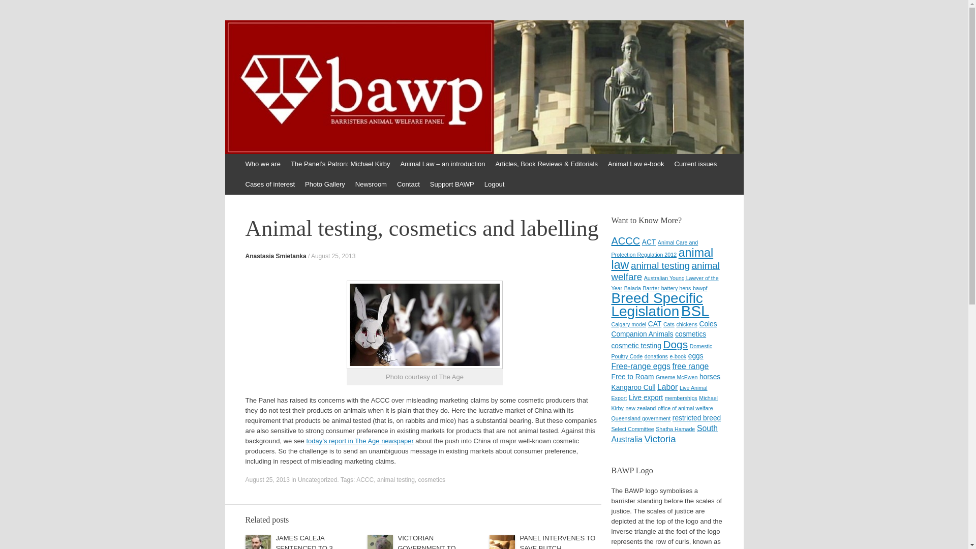  What do you see at coordinates (639, 407) in the screenshot?
I see `'new zealand'` at bounding box center [639, 407].